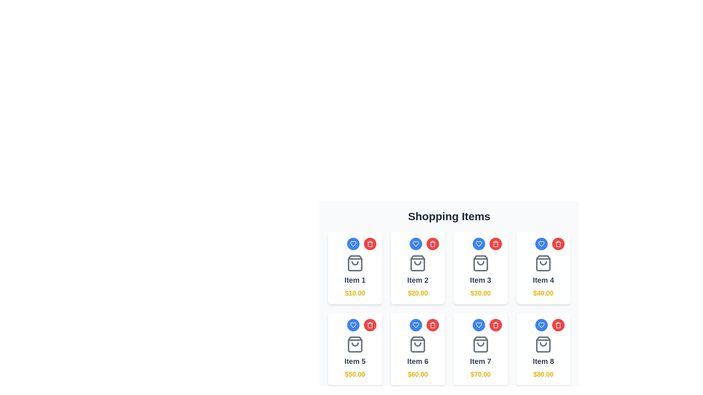  Describe the element at coordinates (418, 357) in the screenshot. I see `the text block displaying the name and price of a shopping item, which is the sixth entry in a grid layout under 'Shopping Items'` at that location.